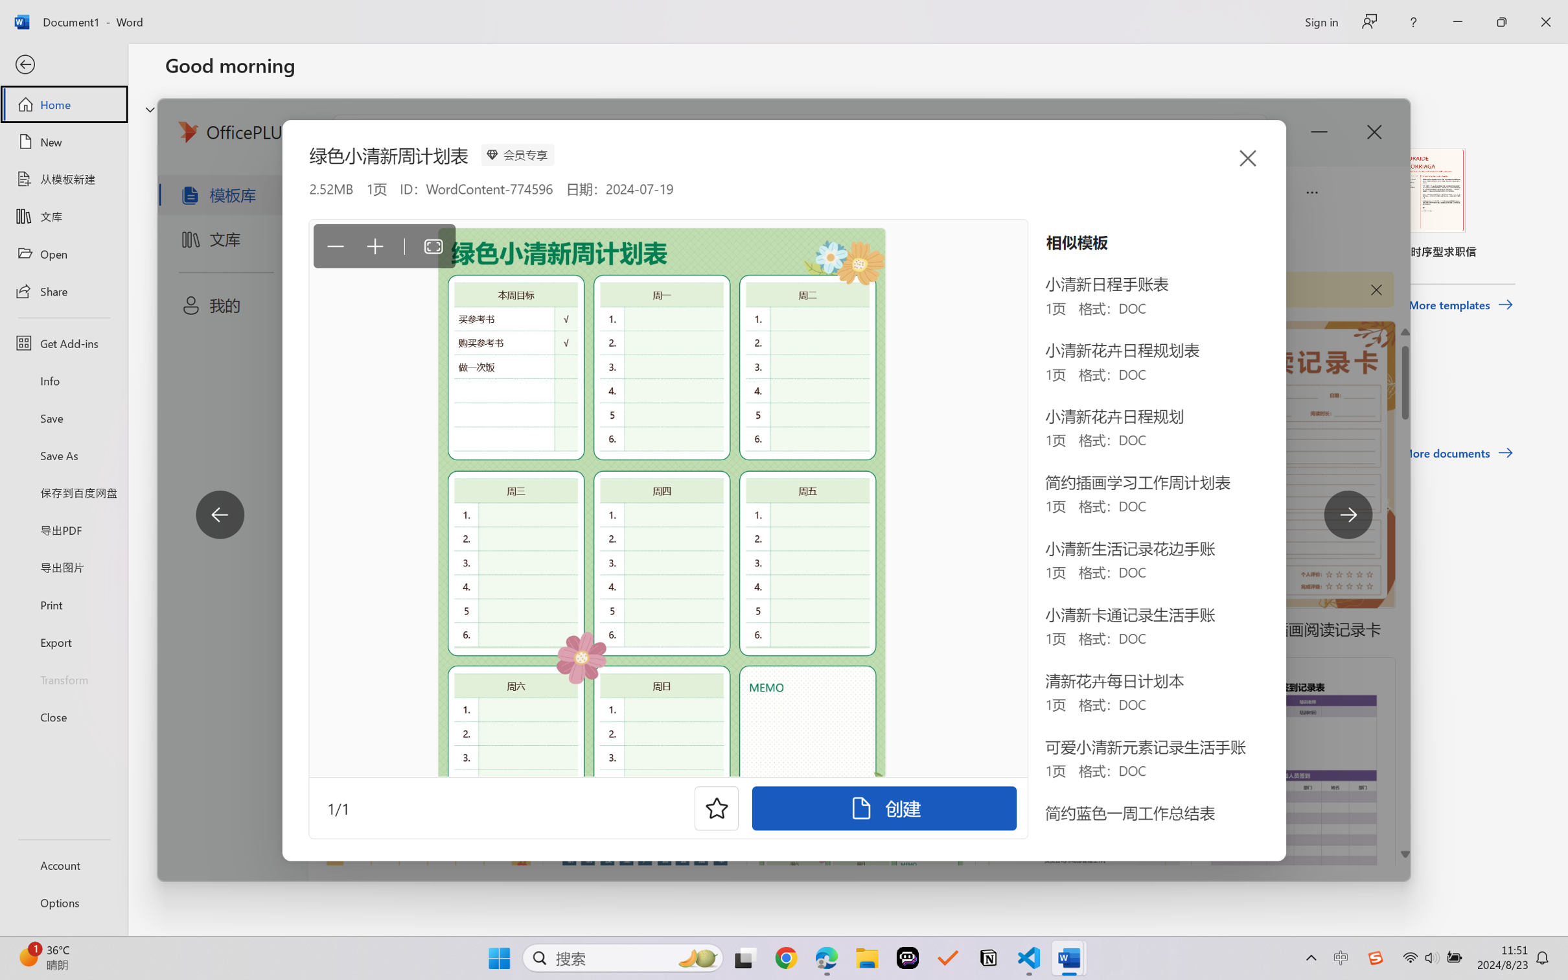  Describe the element at coordinates (63, 865) in the screenshot. I see `'Account'` at that location.